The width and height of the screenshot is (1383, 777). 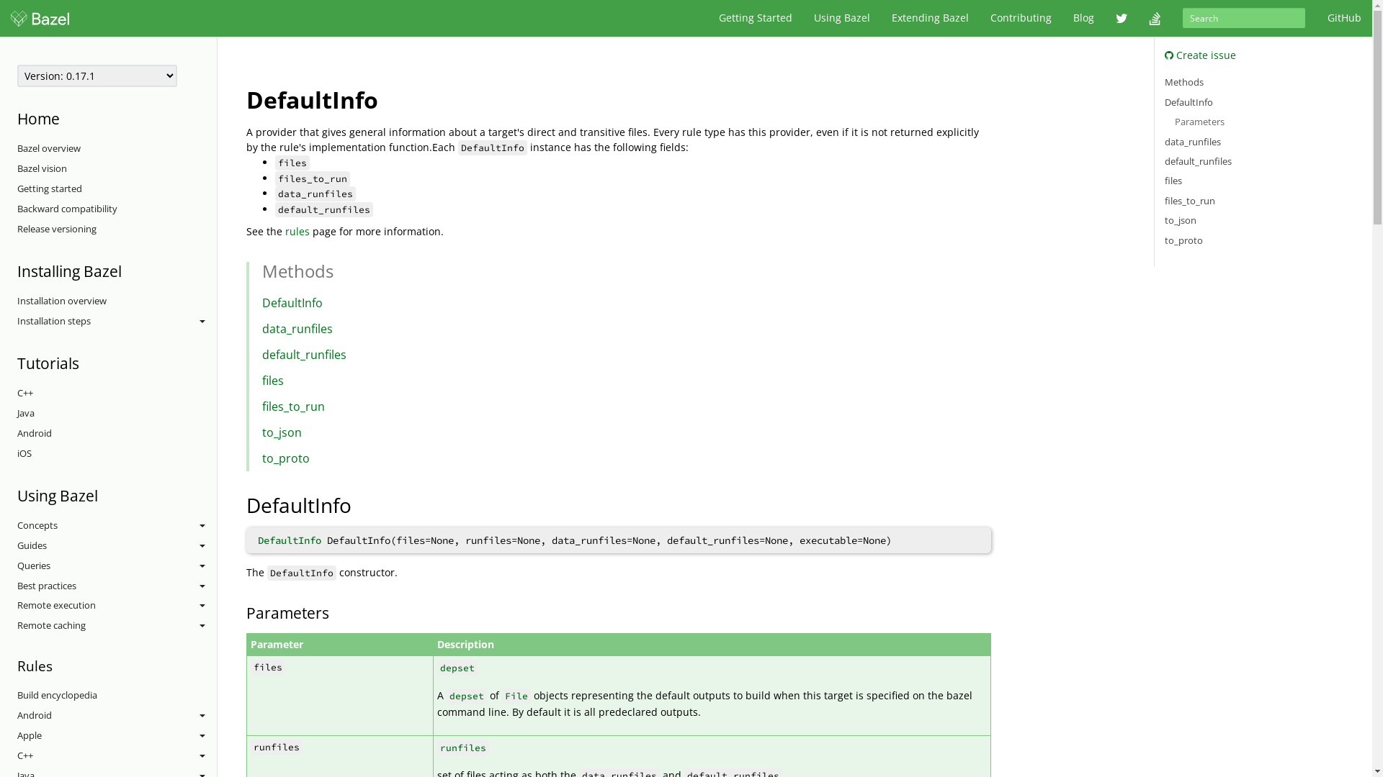 What do you see at coordinates (262, 458) in the screenshot?
I see `'to_proto'` at bounding box center [262, 458].